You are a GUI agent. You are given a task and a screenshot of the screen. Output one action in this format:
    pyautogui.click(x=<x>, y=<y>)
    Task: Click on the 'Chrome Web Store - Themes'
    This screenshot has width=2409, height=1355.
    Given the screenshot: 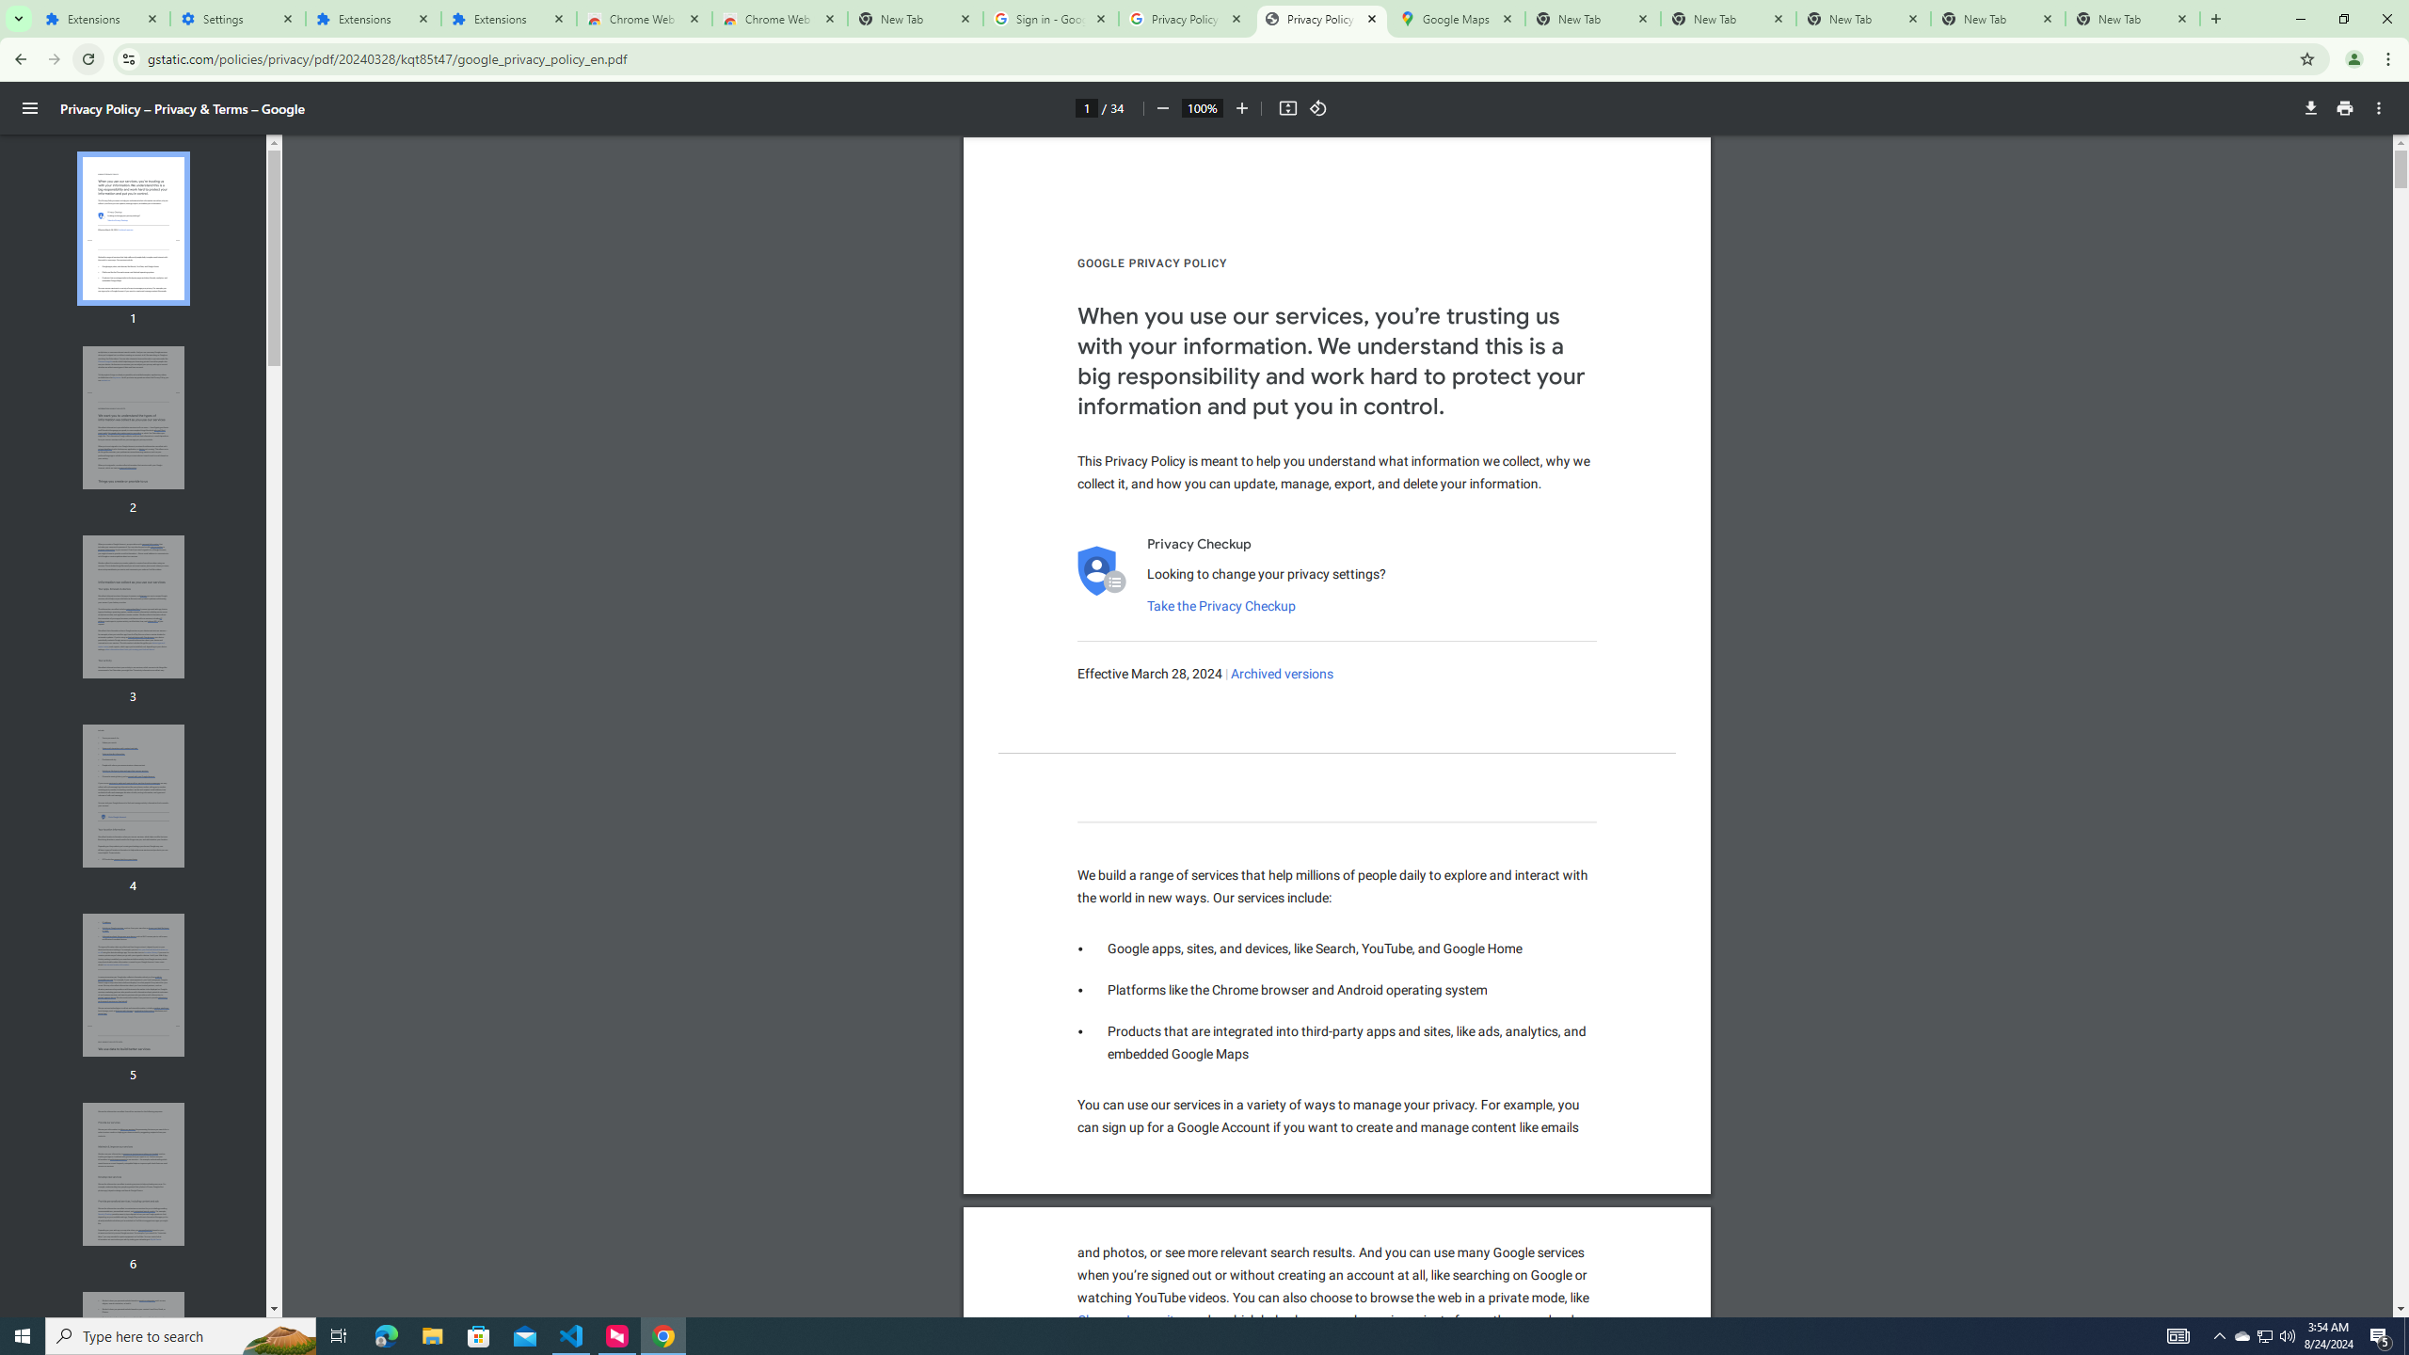 What is the action you would take?
    pyautogui.click(x=778, y=18)
    